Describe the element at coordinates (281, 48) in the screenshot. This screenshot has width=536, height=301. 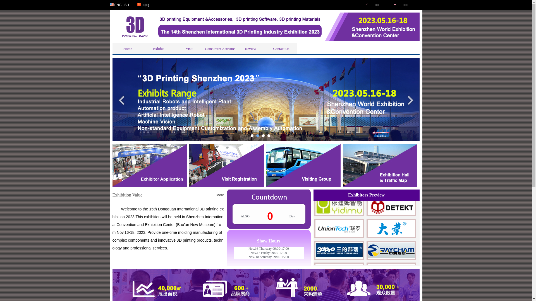
I see `'Contact Us'` at that location.